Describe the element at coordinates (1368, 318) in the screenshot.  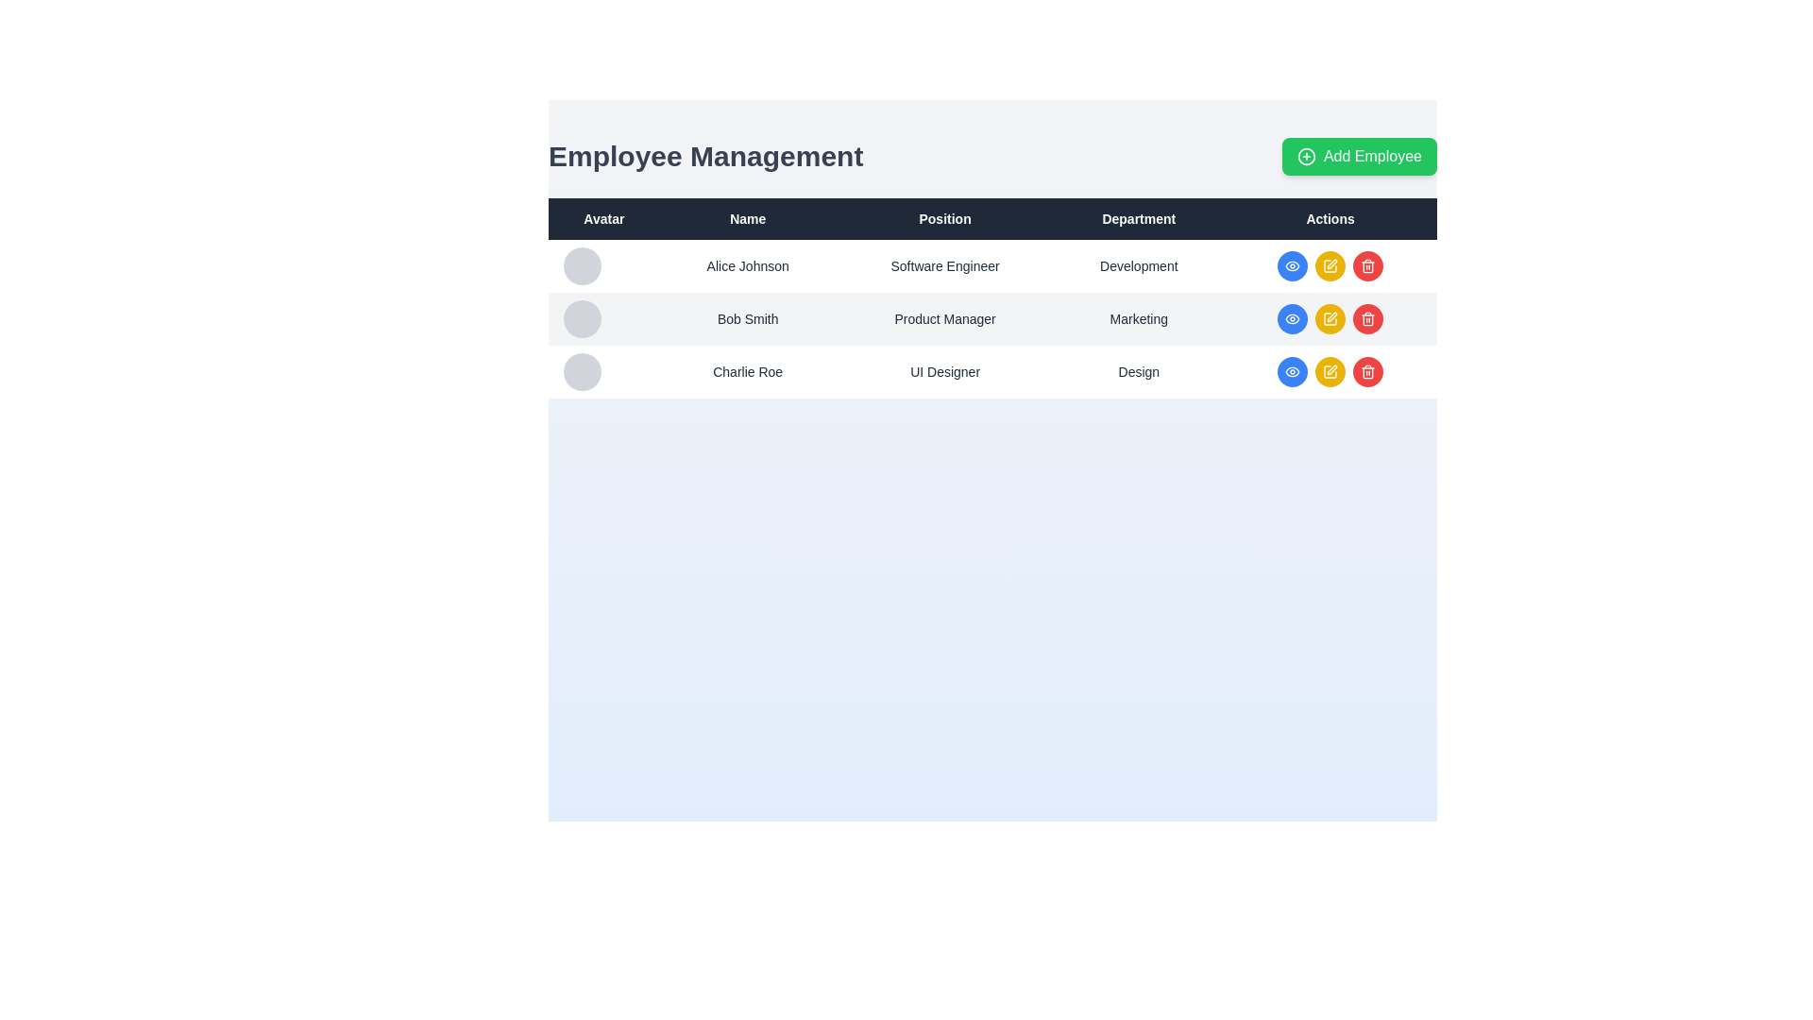
I see `the Delete button with an icon located on the right side of the action buttons in the second row of the table to change its color` at that location.